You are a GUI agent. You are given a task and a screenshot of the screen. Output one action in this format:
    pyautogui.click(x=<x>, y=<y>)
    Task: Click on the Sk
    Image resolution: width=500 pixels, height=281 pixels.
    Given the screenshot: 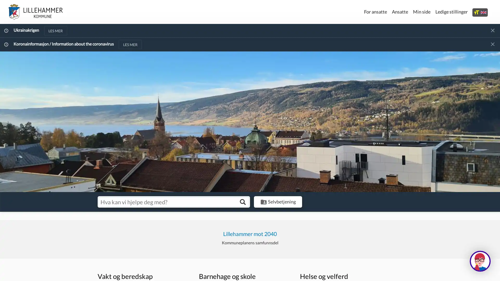 What is the action you would take?
    pyautogui.click(x=242, y=201)
    